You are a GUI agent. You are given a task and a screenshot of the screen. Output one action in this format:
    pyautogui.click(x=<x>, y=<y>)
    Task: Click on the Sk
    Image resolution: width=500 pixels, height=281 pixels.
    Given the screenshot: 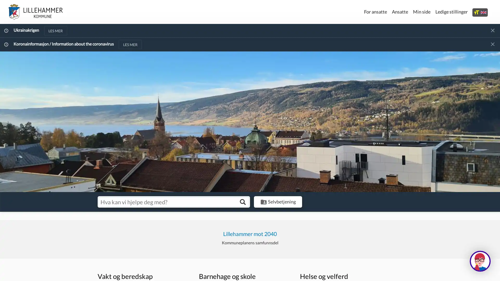 What is the action you would take?
    pyautogui.click(x=242, y=201)
    